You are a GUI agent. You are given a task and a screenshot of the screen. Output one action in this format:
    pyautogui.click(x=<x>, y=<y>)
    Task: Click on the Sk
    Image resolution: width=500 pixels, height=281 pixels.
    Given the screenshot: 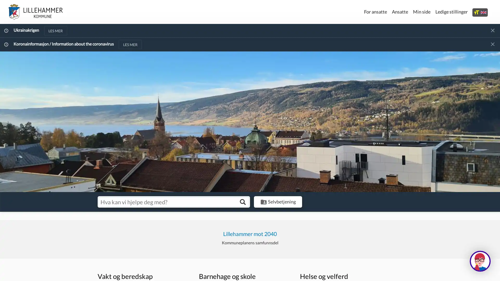 What is the action you would take?
    pyautogui.click(x=242, y=201)
    